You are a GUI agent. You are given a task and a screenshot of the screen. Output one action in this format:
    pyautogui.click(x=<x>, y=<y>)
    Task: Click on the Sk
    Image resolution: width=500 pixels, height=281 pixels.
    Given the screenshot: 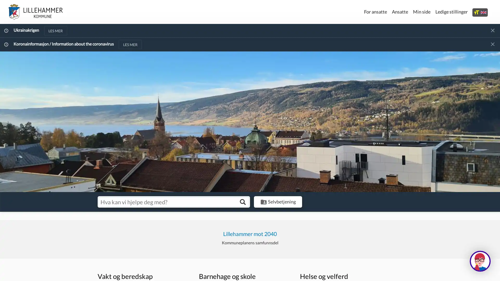 What is the action you would take?
    pyautogui.click(x=242, y=201)
    